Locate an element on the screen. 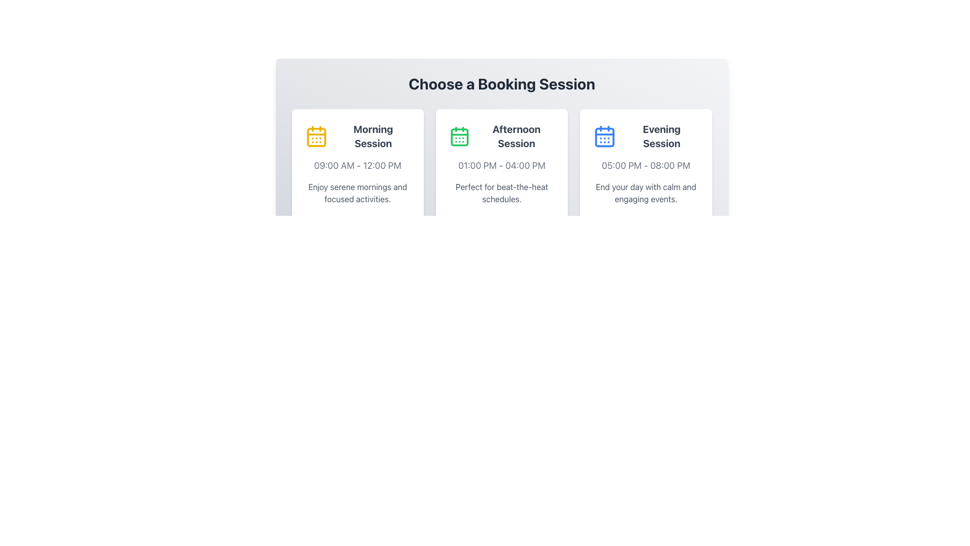 Image resolution: width=970 pixels, height=546 pixels. the yellow calendar icon located in the leftmost card labeled 'Morning Session' is located at coordinates (316, 136).